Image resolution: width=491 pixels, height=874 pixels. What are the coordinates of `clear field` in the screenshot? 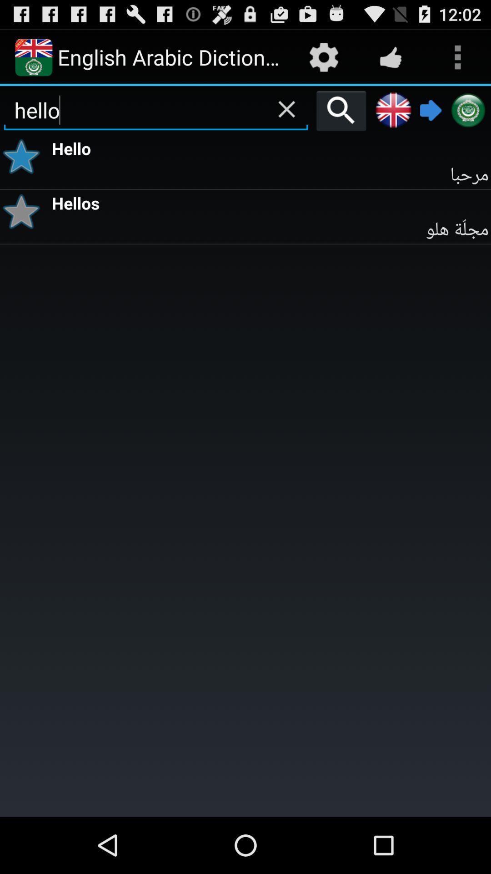 It's located at (286, 109).